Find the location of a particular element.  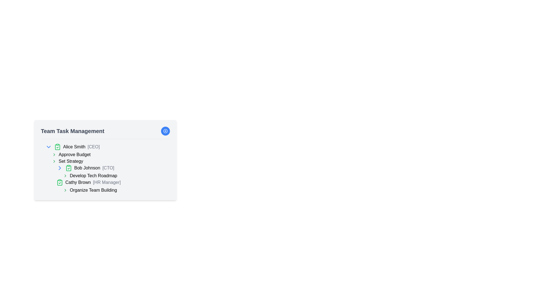

the 'Cathy Brown' text label element, which is styled with a medium-weight font and located under the '[HR Manager]' entry in a hierarchical list interface is located at coordinates (78, 182).